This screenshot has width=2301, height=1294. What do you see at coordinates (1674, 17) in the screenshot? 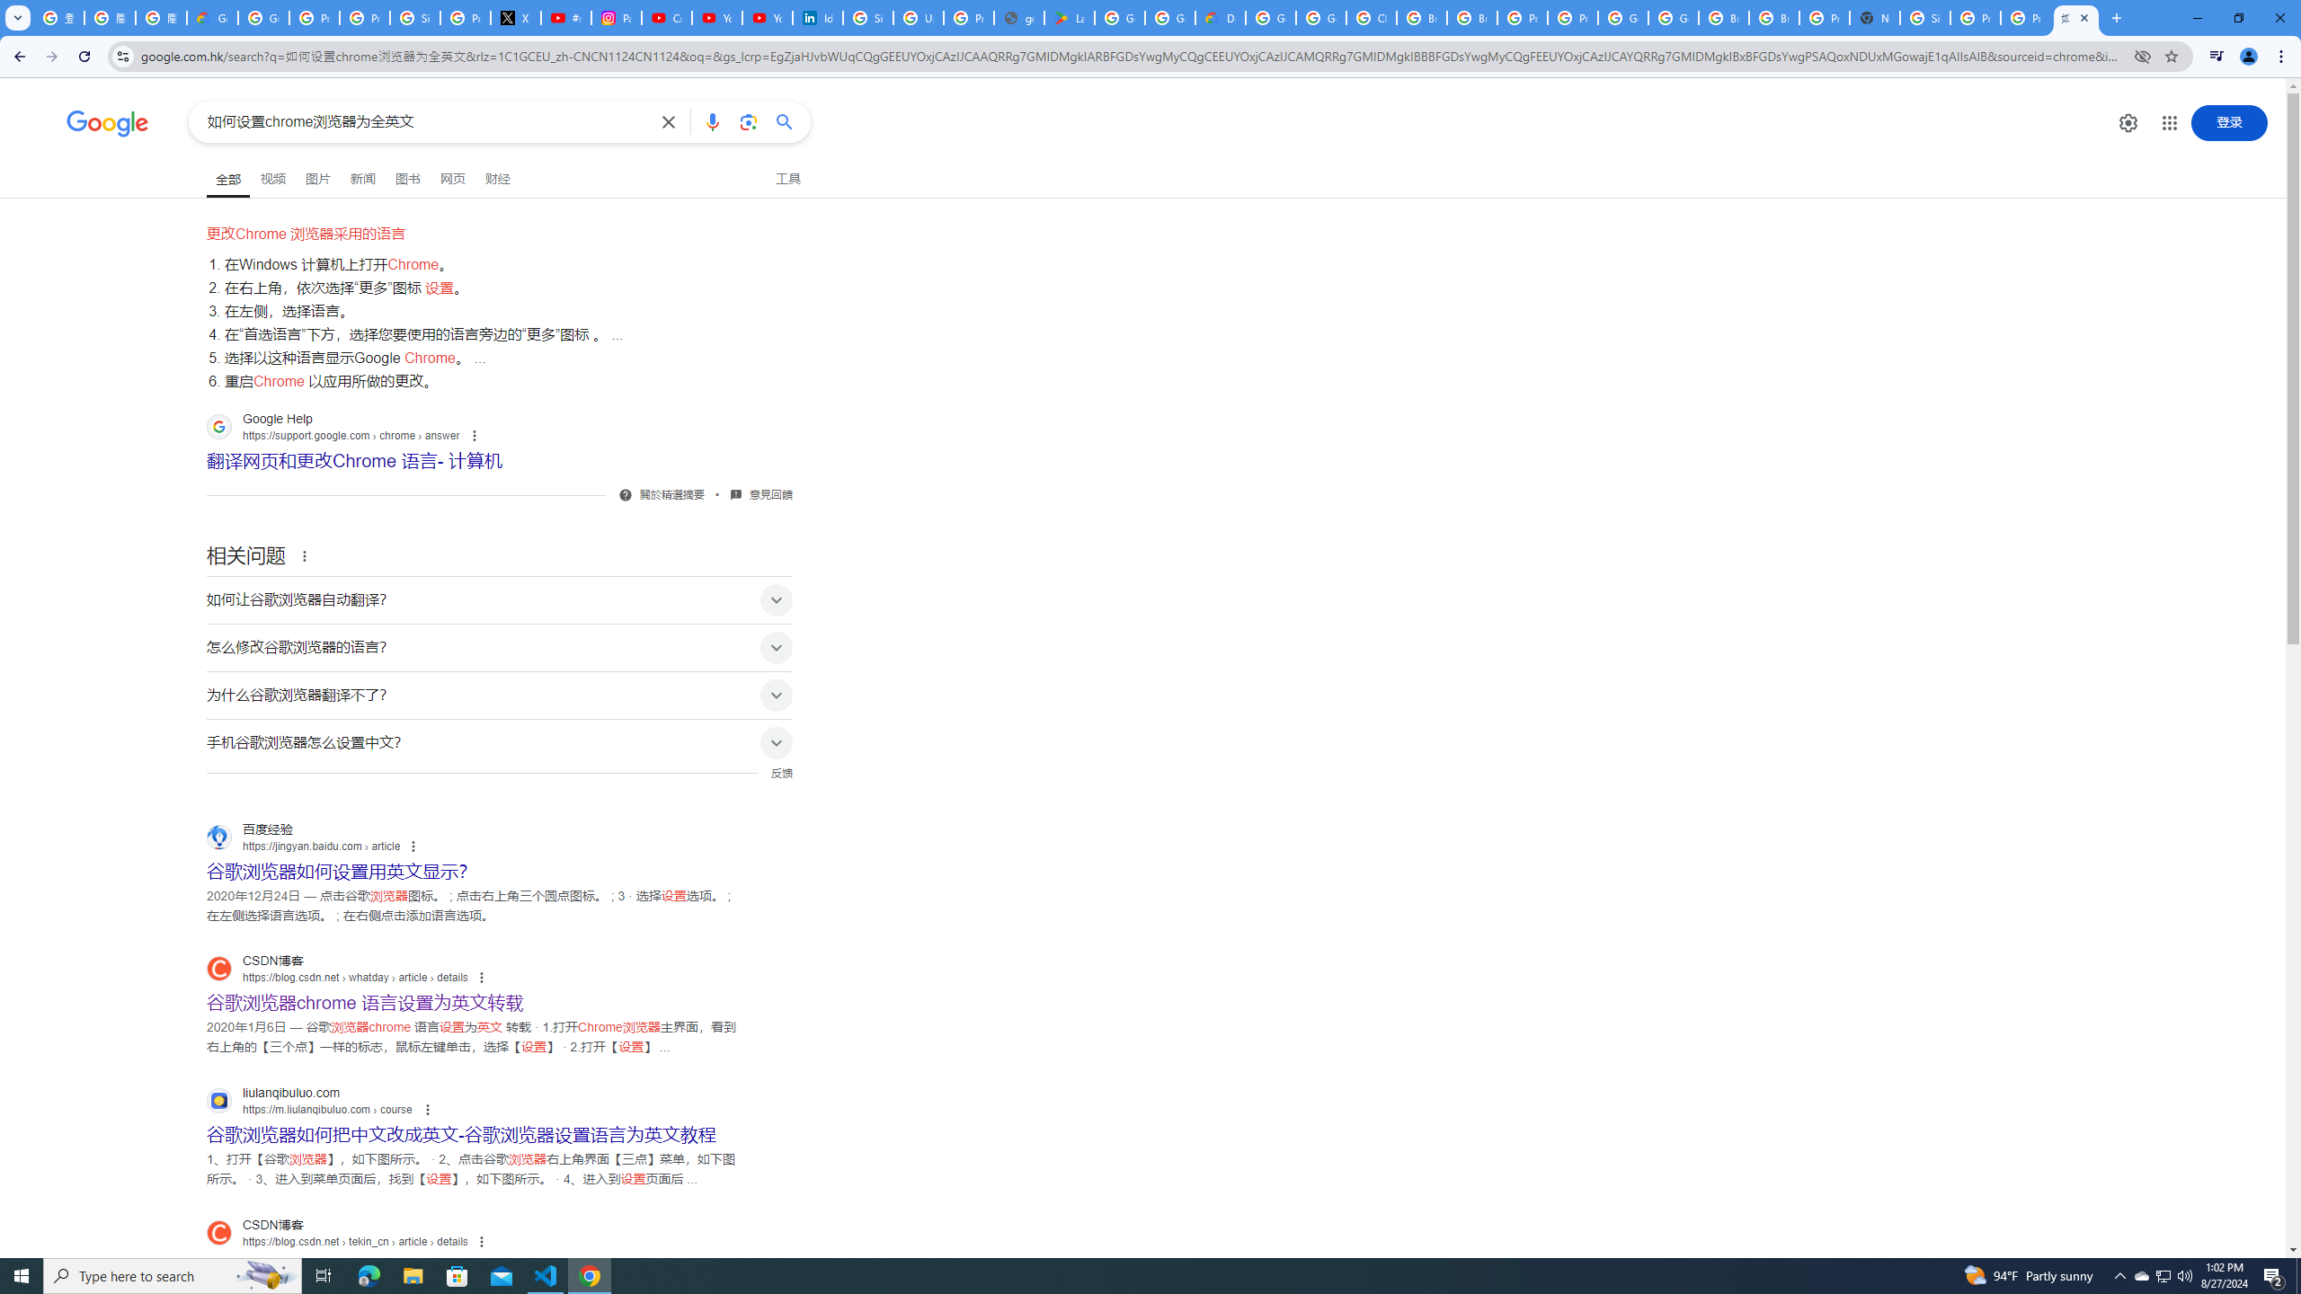
I see `'Google Cloud Platform'` at bounding box center [1674, 17].